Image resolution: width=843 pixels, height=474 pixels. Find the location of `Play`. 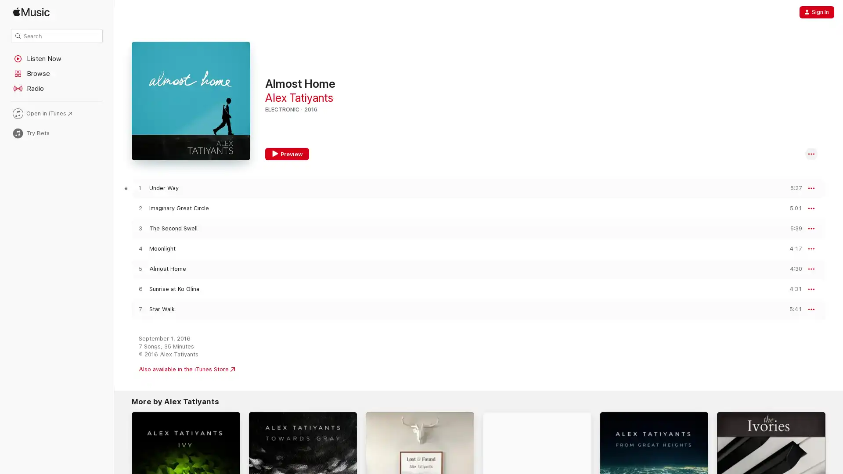

Play is located at coordinates (140, 248).